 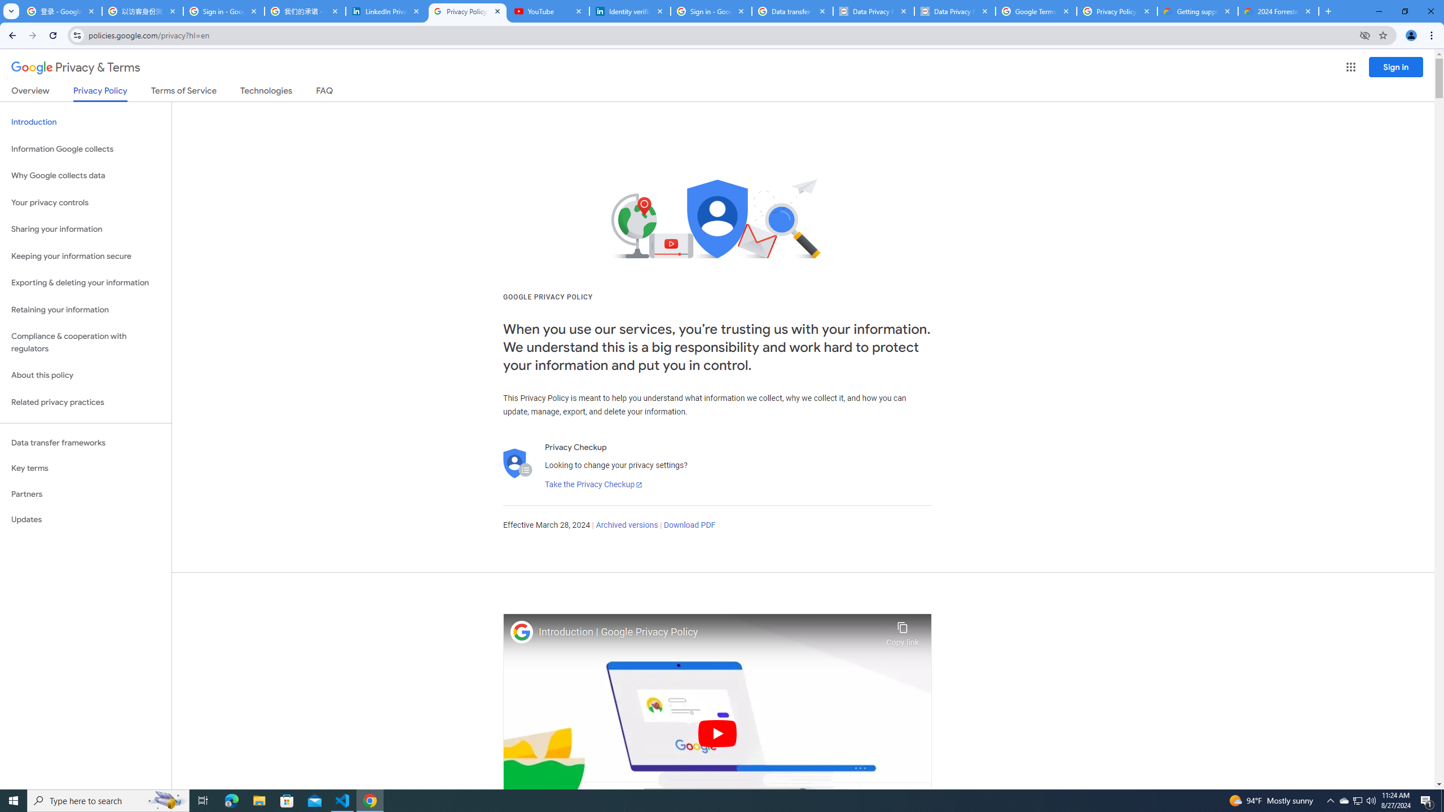 I want to click on 'Photo image of Google', so click(x=522, y=631).